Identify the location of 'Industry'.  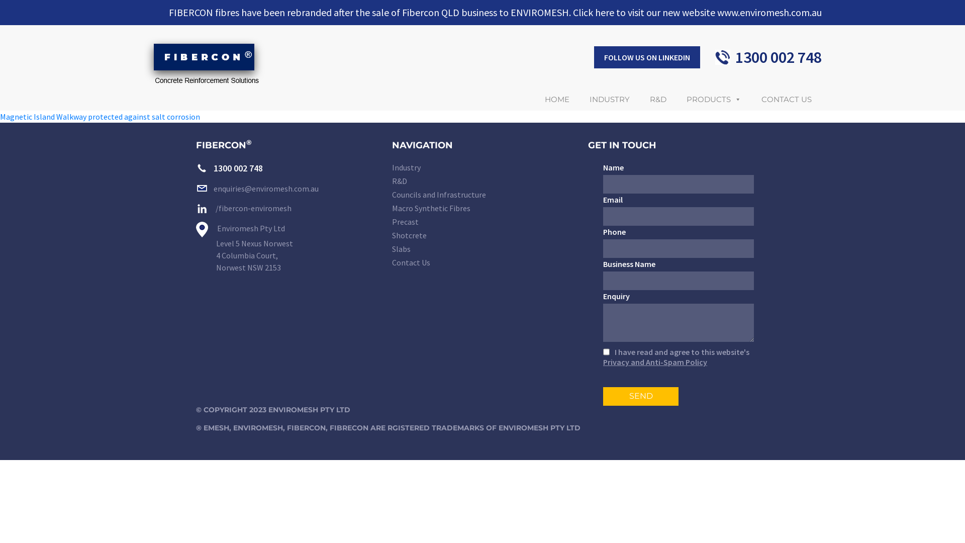
(391, 167).